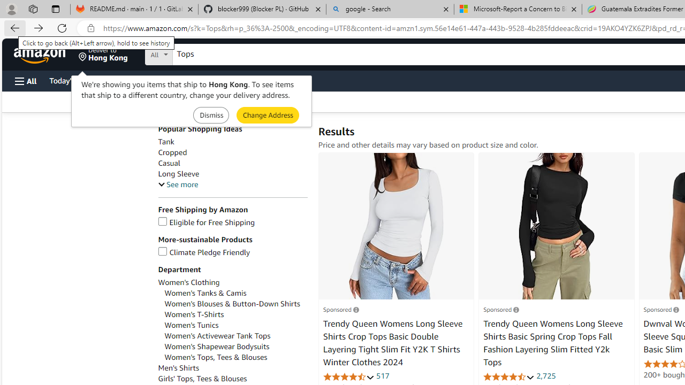 The height and width of the screenshot is (385, 685). I want to click on 'Today', so click(71, 80).